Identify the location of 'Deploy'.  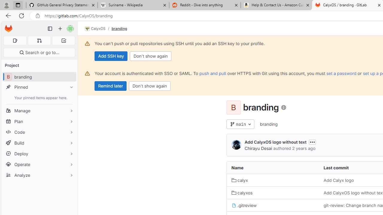
(39, 153).